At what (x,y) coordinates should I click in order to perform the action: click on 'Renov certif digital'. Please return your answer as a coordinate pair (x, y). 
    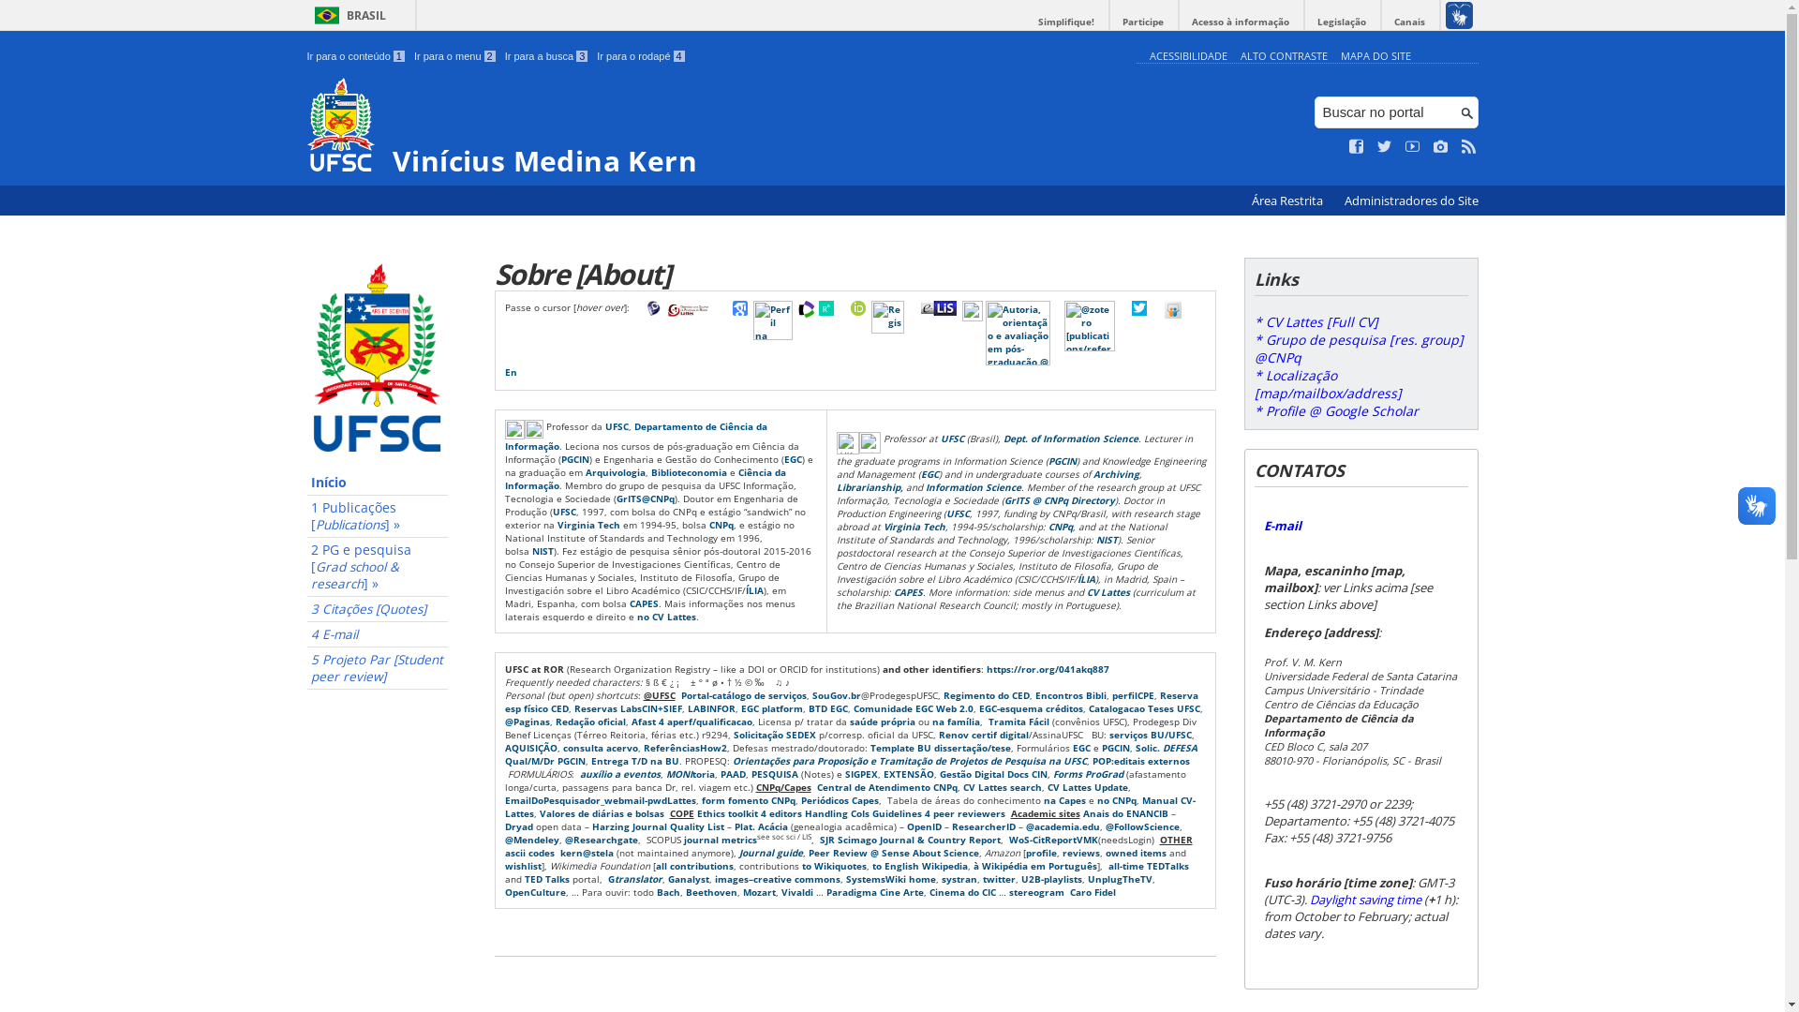
    Looking at the image, I should click on (983, 733).